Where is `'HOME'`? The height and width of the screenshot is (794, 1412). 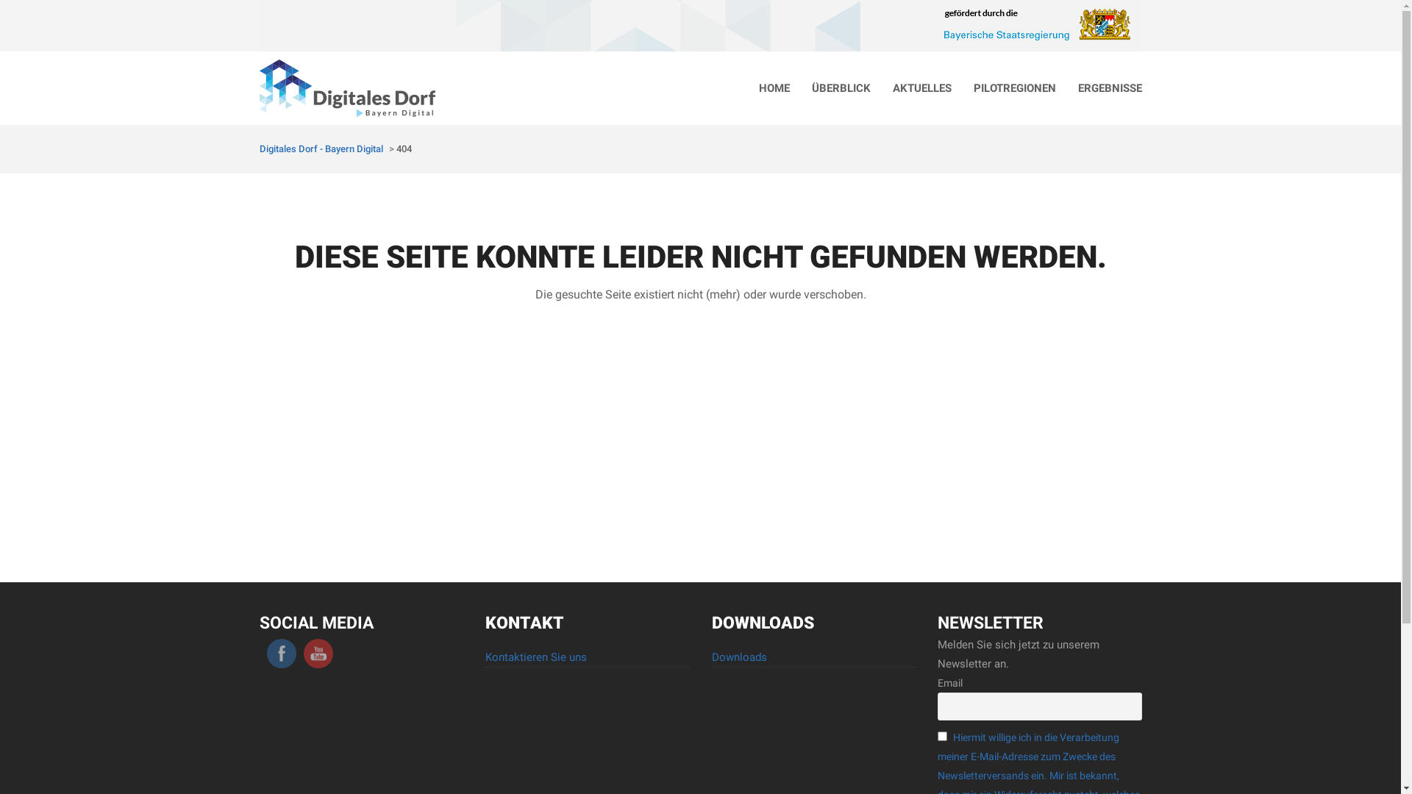
'HOME' is located at coordinates (747, 87).